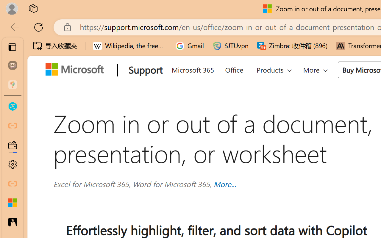 The height and width of the screenshot is (238, 381). What do you see at coordinates (190, 46) in the screenshot?
I see `'Gmail'` at bounding box center [190, 46].